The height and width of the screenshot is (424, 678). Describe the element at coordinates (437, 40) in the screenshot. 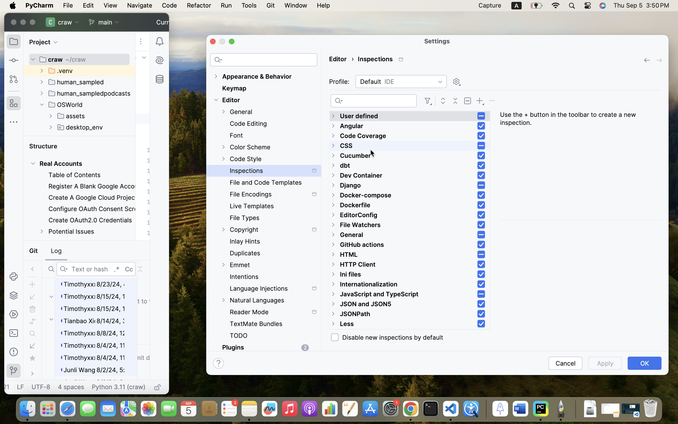

I see `'Settings'` at that location.